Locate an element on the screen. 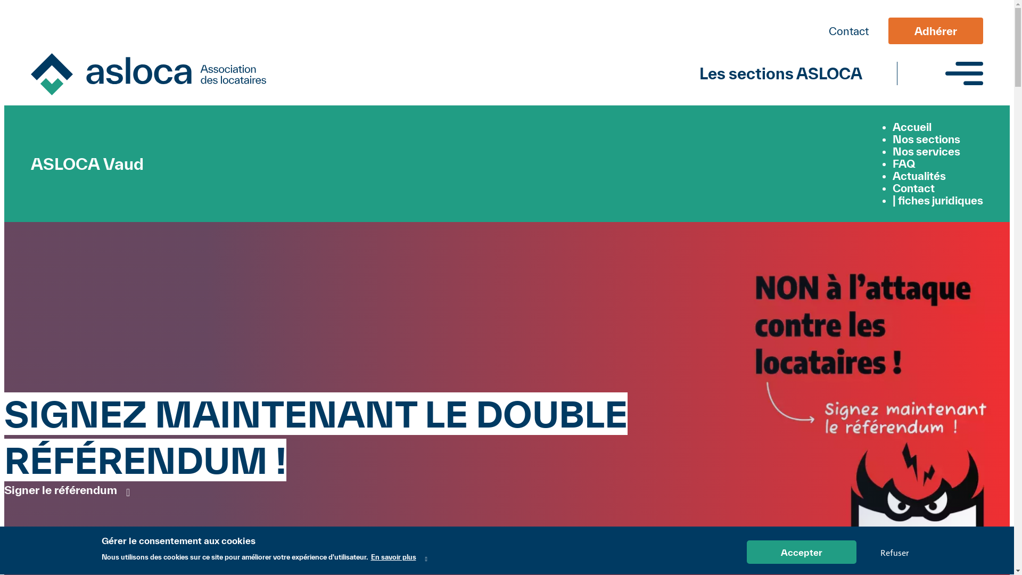 The height and width of the screenshot is (575, 1022). 'Aller au contenu principal' is located at coordinates (506, 5).